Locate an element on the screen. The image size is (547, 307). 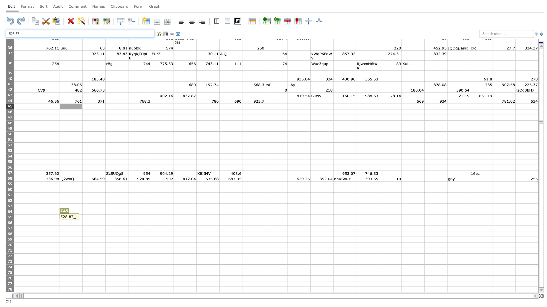
bottom right corner of G65 is located at coordinates (173, 220).